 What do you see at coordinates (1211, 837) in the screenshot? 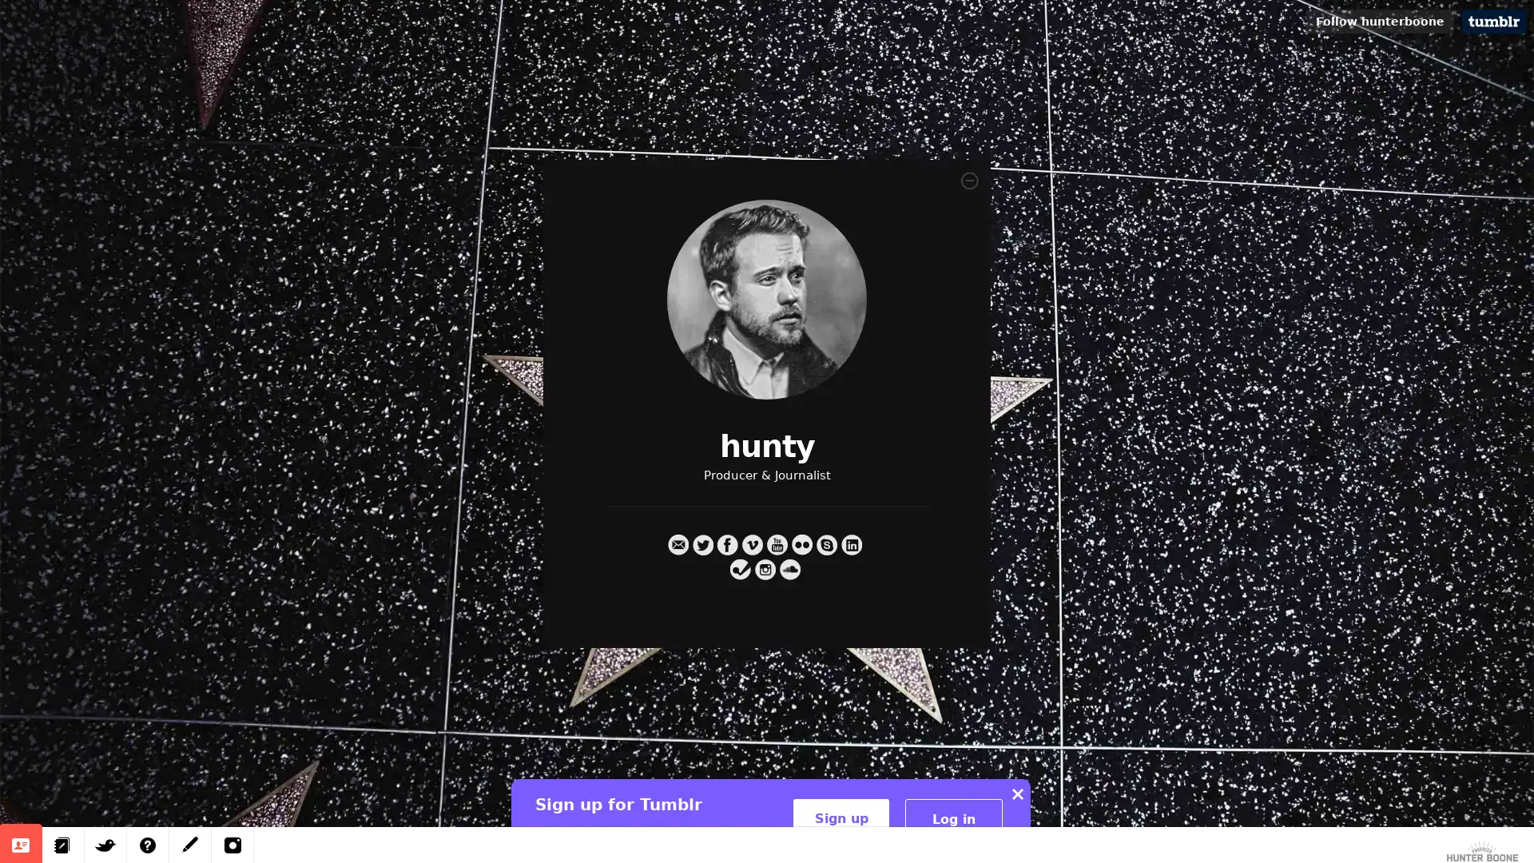
I see `play` at bounding box center [1211, 837].